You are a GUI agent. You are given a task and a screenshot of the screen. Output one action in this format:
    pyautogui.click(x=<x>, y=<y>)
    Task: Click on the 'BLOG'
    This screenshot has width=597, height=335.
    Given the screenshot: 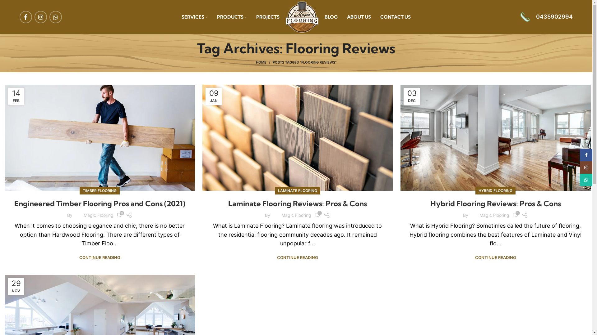 What is the action you would take?
    pyautogui.click(x=331, y=16)
    